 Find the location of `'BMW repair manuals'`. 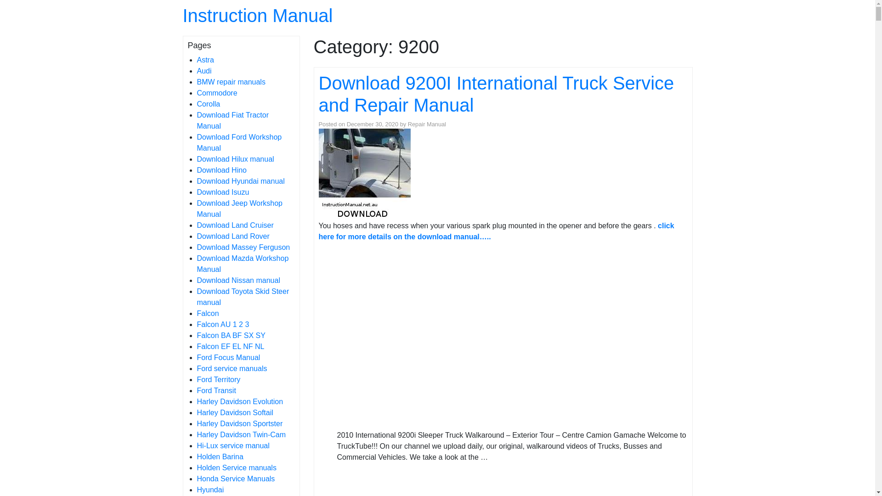

'BMW repair manuals' is located at coordinates (231, 81).